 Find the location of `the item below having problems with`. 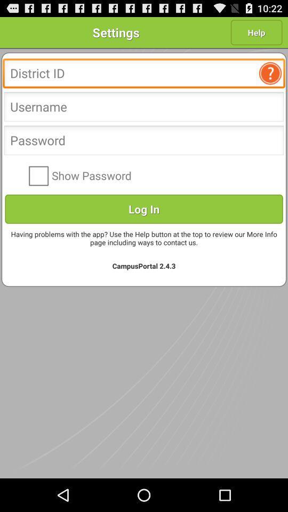

the item below having problems with is located at coordinates (144, 265).